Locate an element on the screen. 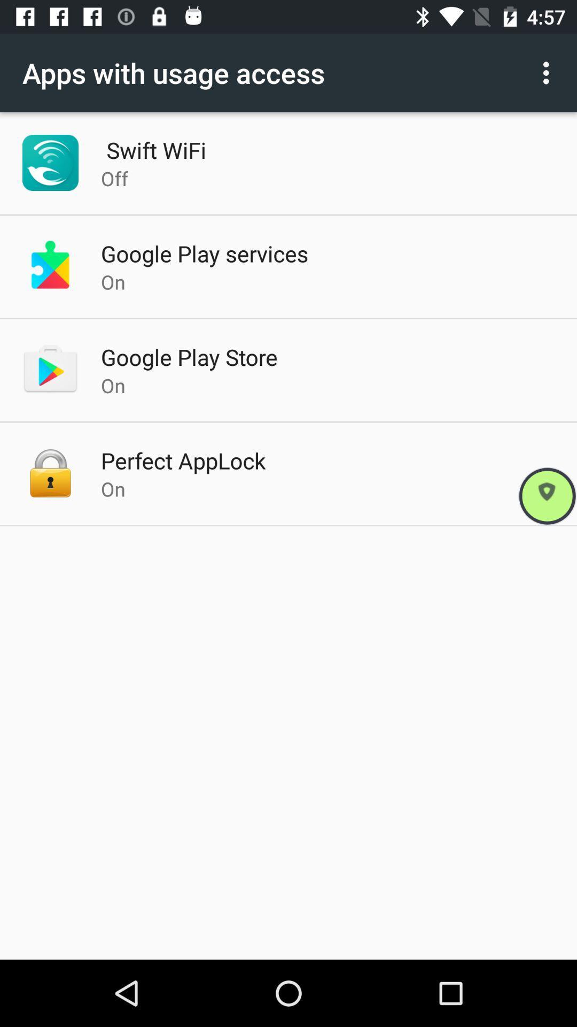 The width and height of the screenshot is (577, 1027). the option button on the right hand top side is located at coordinates (549, 73).